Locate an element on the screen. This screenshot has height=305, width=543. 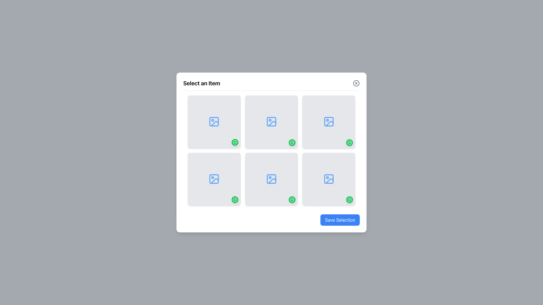
the state of the confirmation icon located in the bottom-right corner of the middle cell in the second row of a 3x2 grid layout is located at coordinates (292, 142).